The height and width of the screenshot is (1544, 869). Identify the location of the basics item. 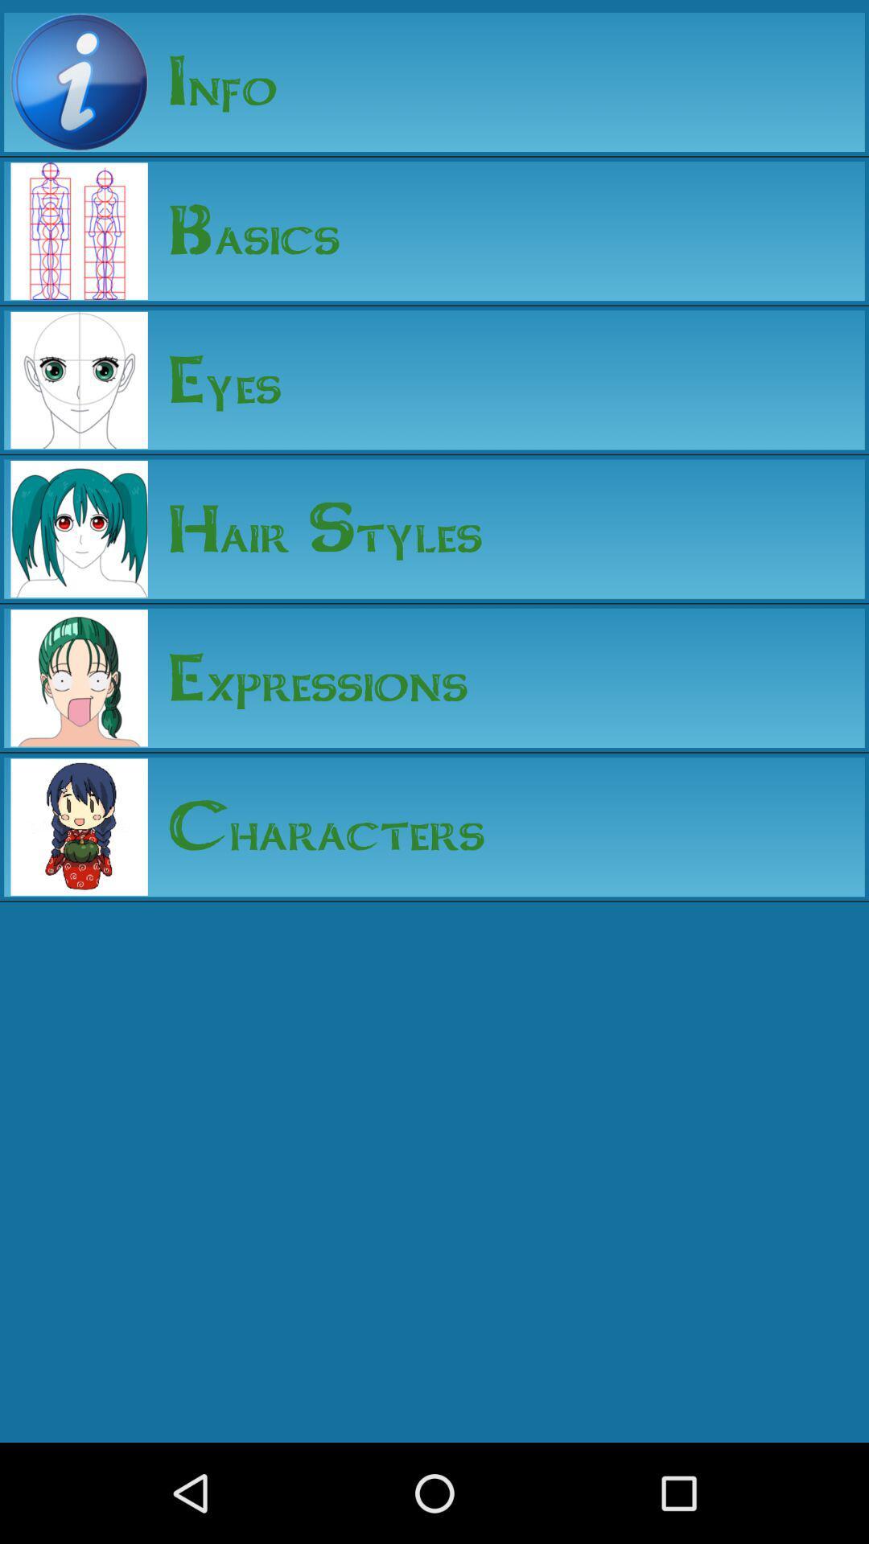
(244, 230).